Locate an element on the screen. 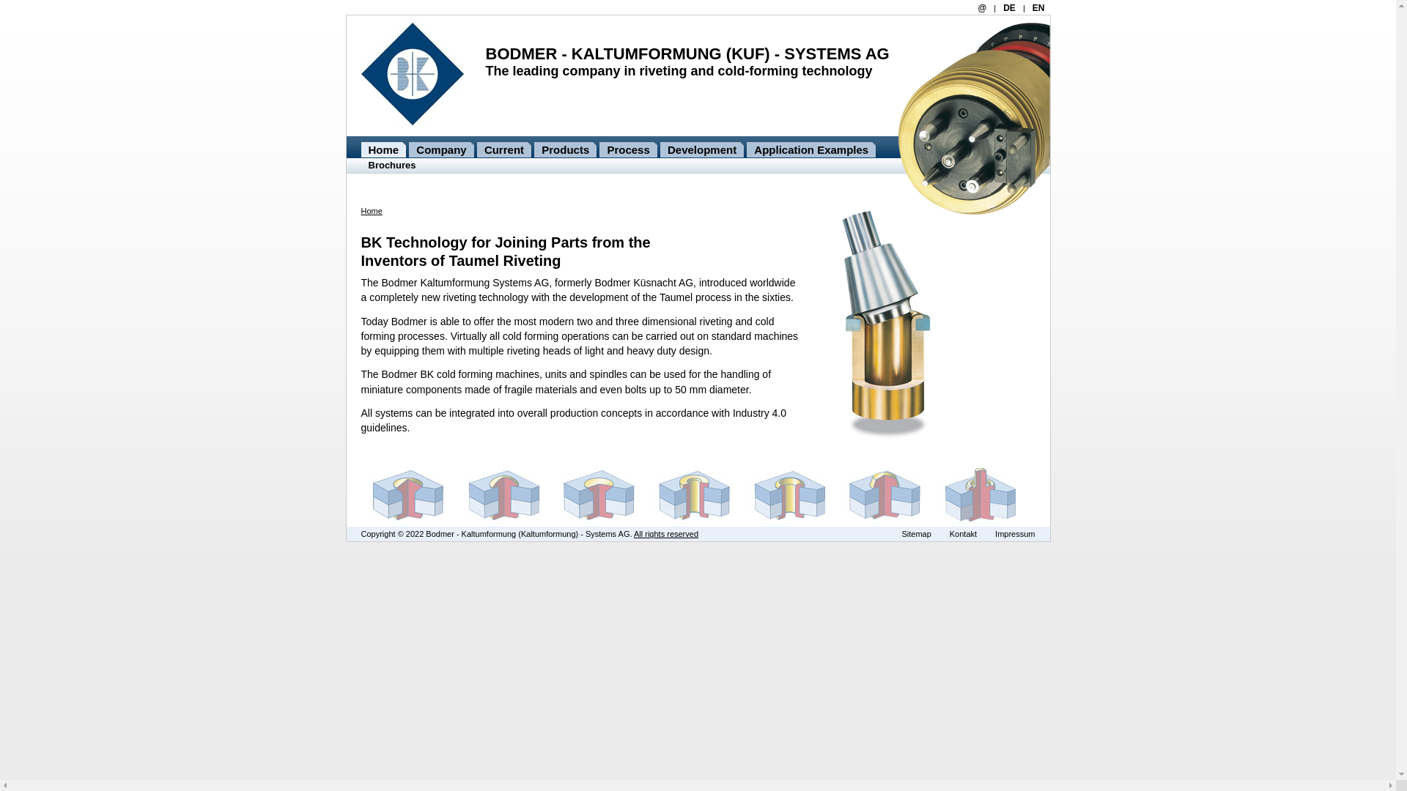  'Sitemap' is located at coordinates (915, 534).